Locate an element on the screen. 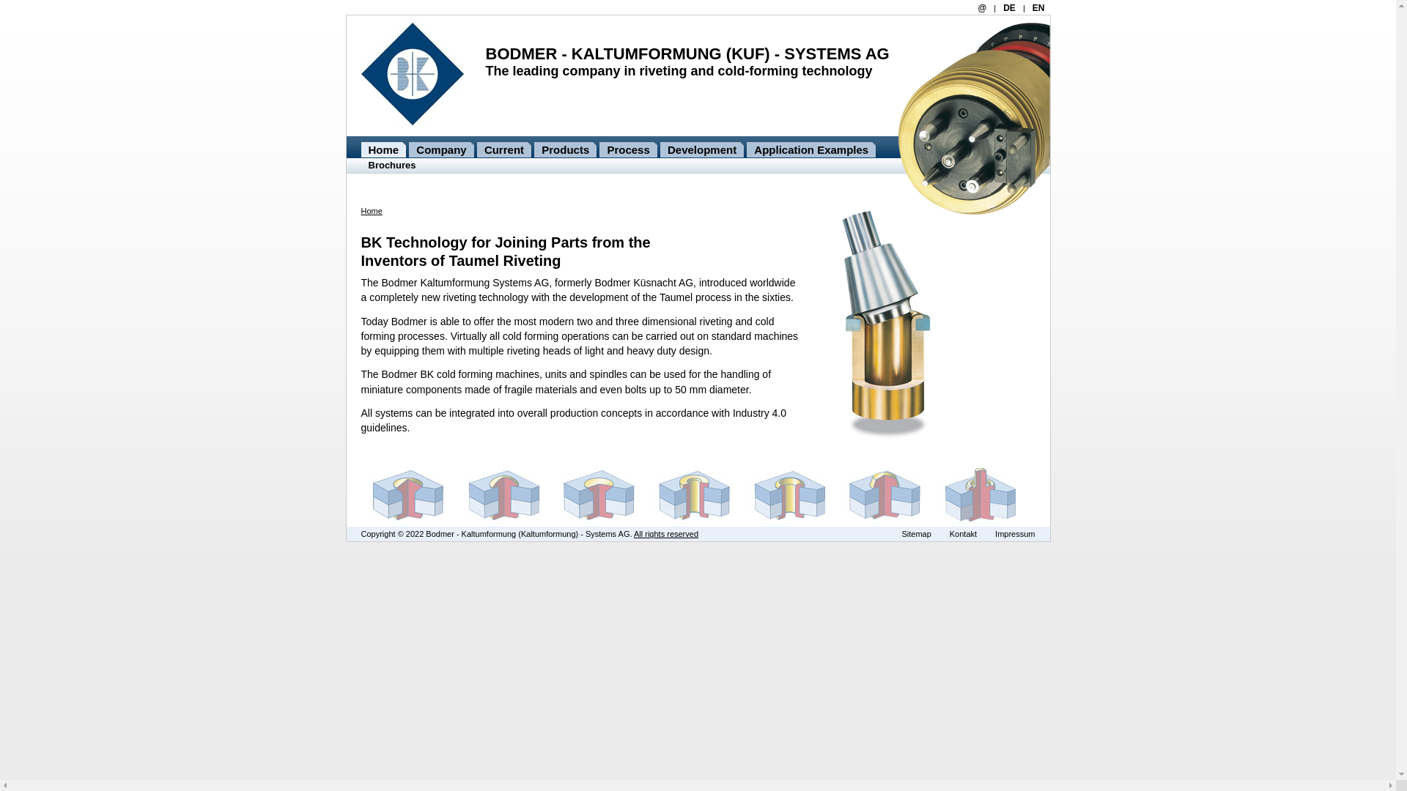  'Sitemap' is located at coordinates (915, 534).